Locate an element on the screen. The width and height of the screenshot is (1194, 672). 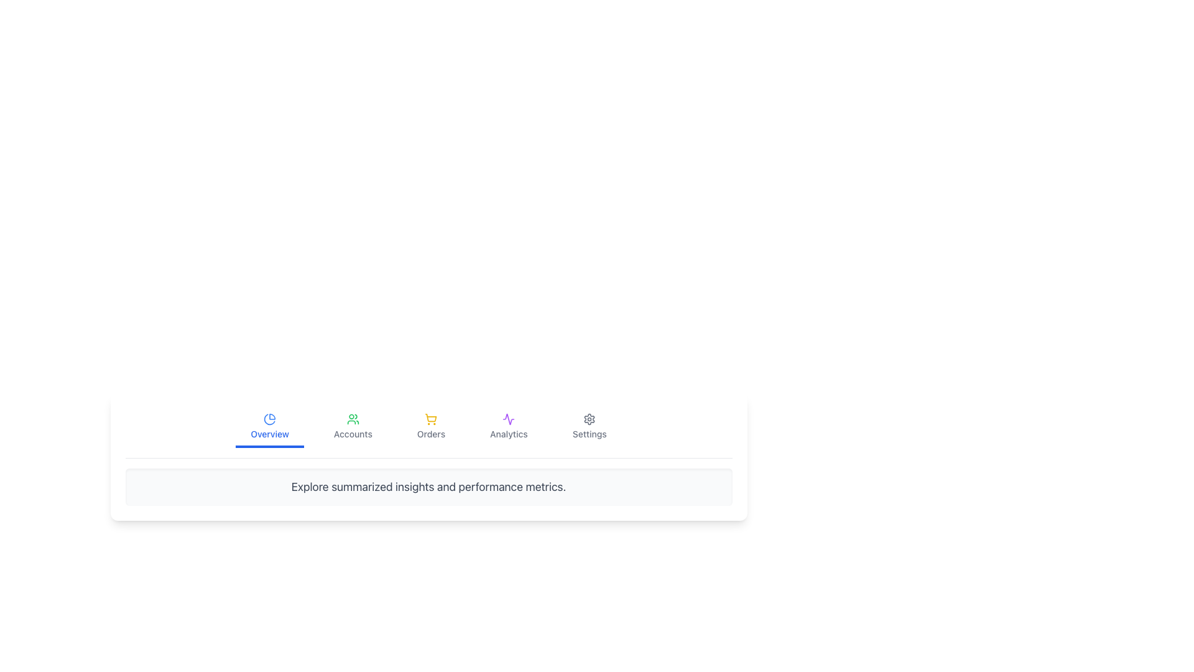
the shopping cart icon within the 'Orders' button in the navigation bar for keyboard interaction is located at coordinates (431, 419).